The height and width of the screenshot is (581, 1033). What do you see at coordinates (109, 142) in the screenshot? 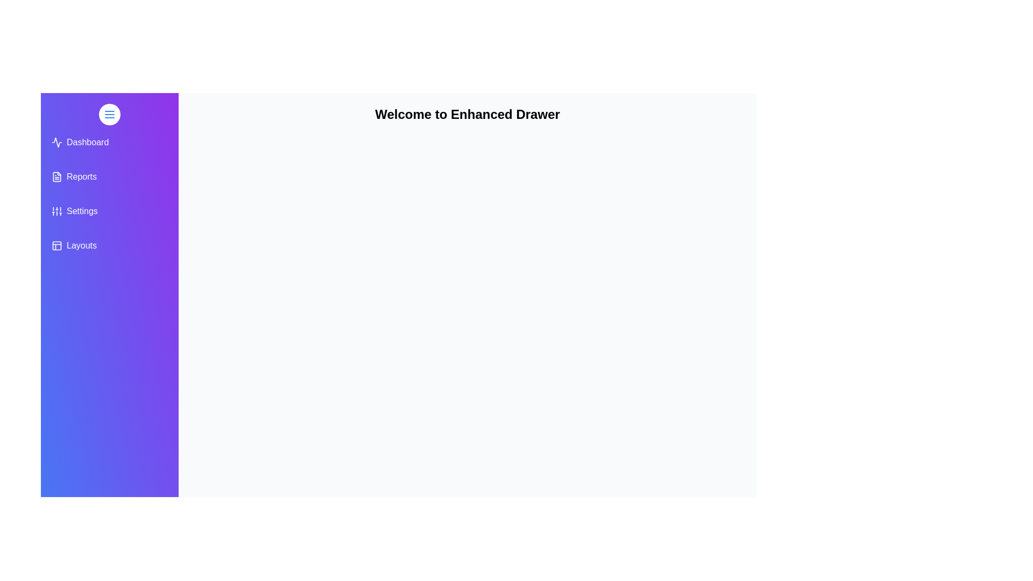
I see `the menu item Dashboard from the drawer` at bounding box center [109, 142].